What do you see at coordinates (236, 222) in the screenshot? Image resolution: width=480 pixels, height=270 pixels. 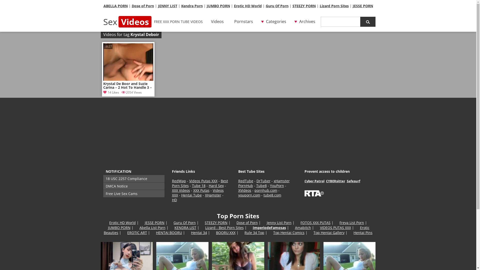 I see `'Dose of Porn'` at bounding box center [236, 222].